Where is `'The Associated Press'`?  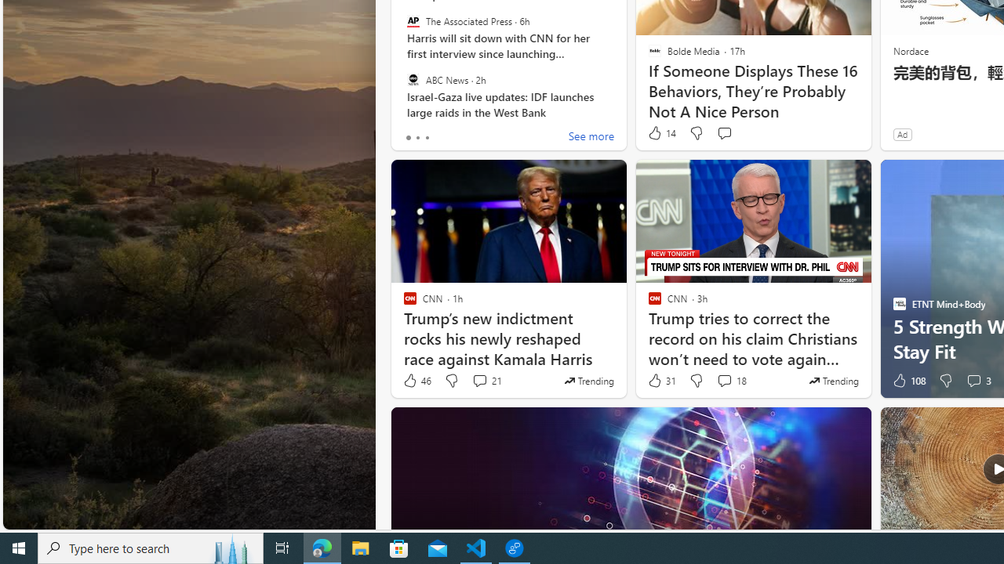
'The Associated Press' is located at coordinates (413, 21).